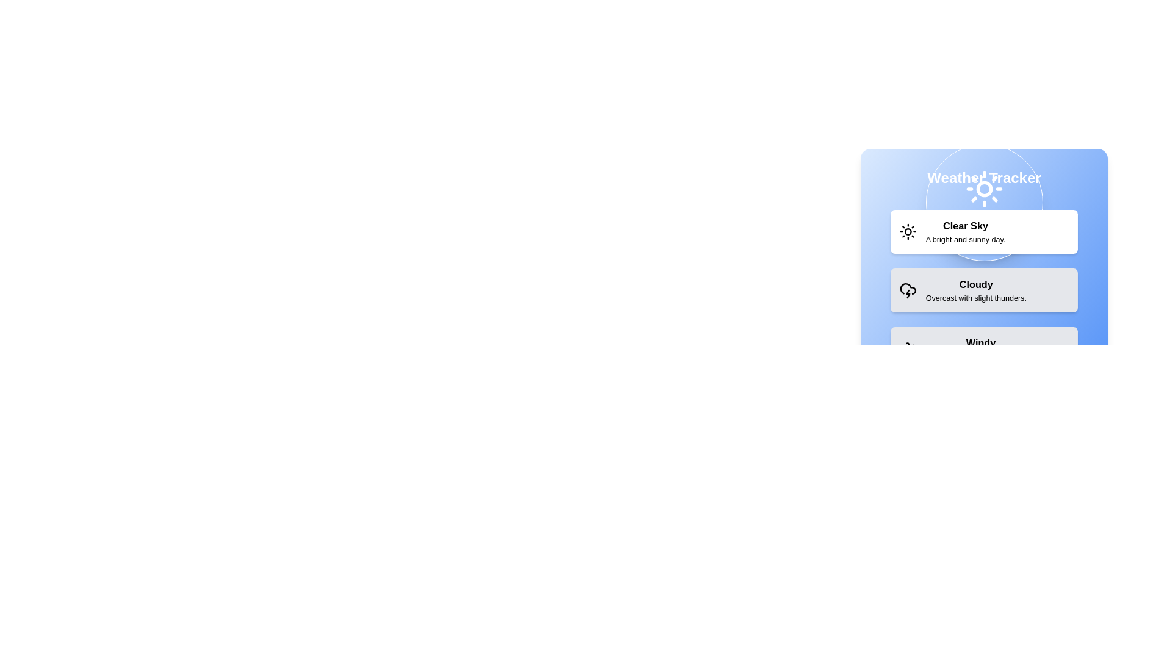 The width and height of the screenshot is (1172, 659). I want to click on the text element displaying 'A bright and sunny day.' which is located below the 'Clear Sky' headline in the weather information interface, so click(965, 239).